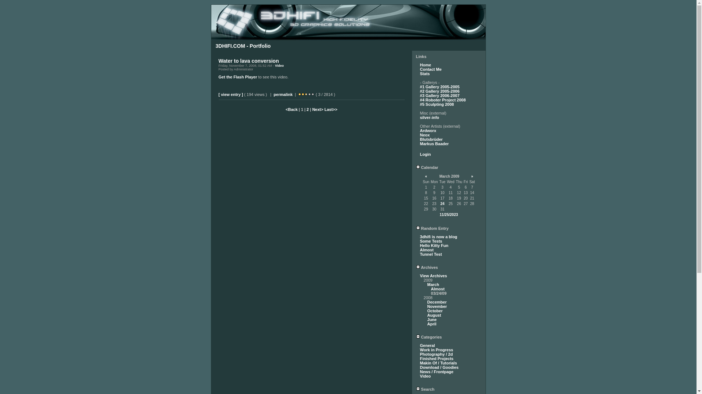  What do you see at coordinates (439, 236) in the screenshot?
I see `'3dhifi is now a blog'` at bounding box center [439, 236].